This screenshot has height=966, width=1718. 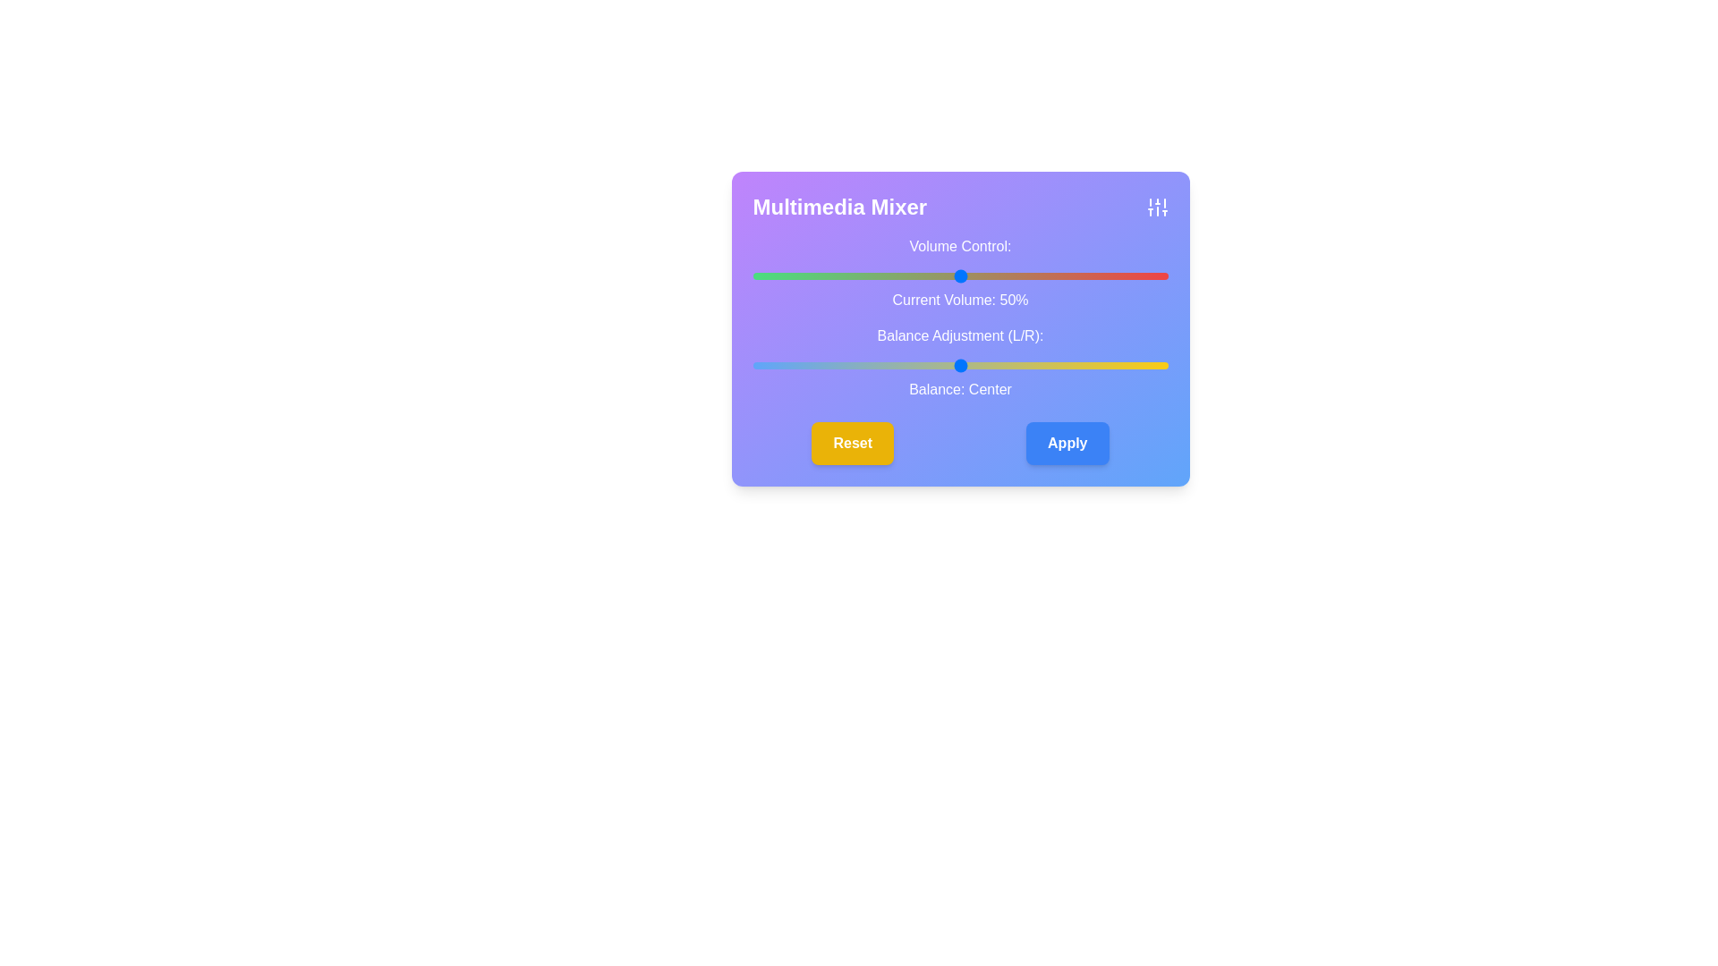 I want to click on the volume slider to set the volume to 88%, so click(x=1117, y=275).